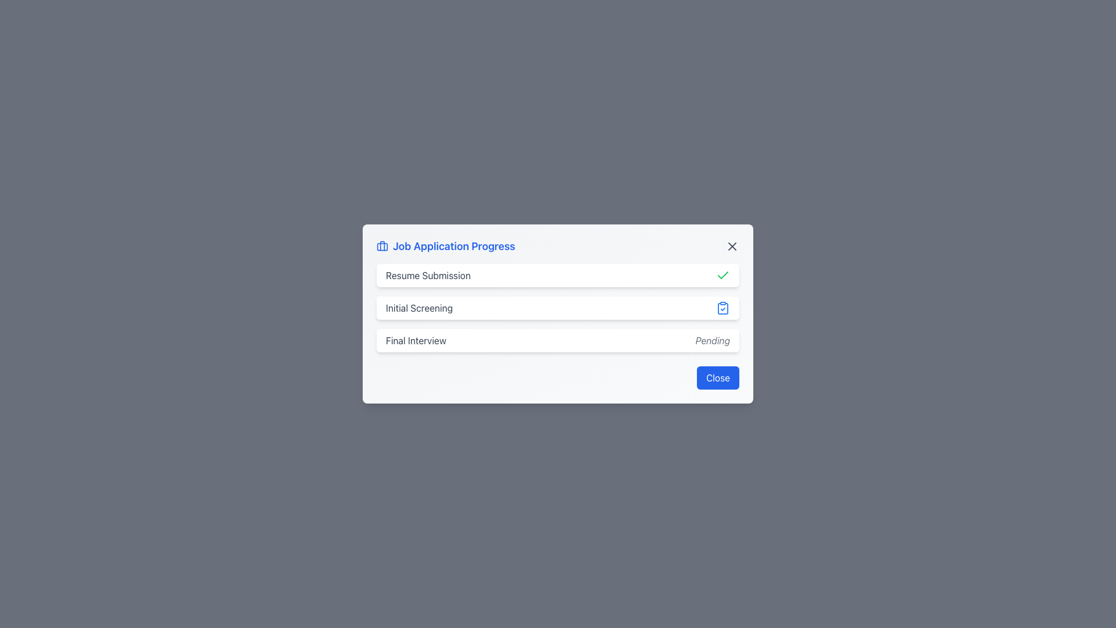 This screenshot has width=1116, height=628. What do you see at coordinates (731, 246) in the screenshot?
I see `the close button located in the top-right corner of the modal header bar, adjacent to the title 'Job Application Progress'` at bounding box center [731, 246].